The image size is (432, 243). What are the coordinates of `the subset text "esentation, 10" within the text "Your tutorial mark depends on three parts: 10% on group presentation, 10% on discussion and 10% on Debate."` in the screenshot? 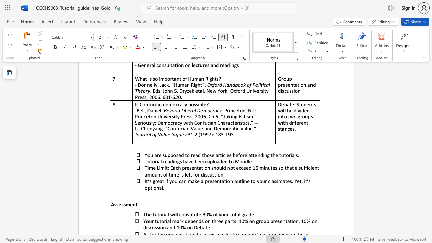 It's located at (275, 221).